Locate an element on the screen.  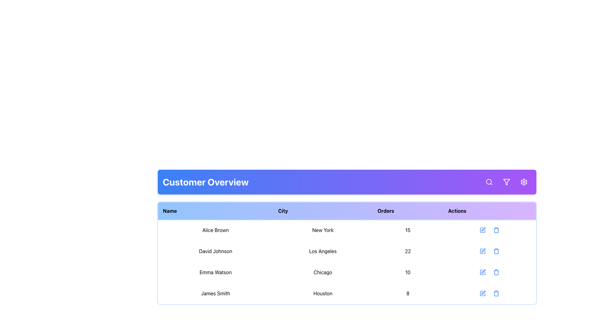
the circular search button located in the top section of the interface with a purple gradient background is located at coordinates (489, 181).